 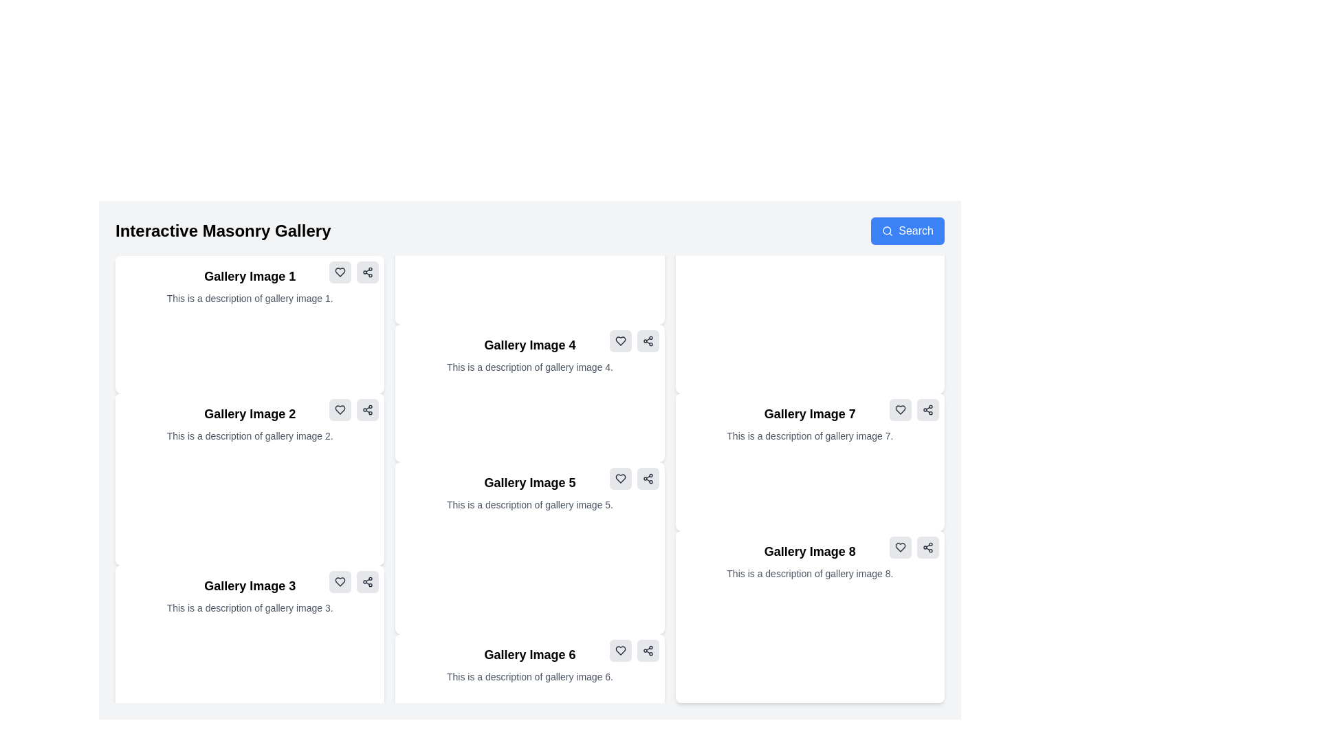 What do you see at coordinates (368, 272) in the screenshot?
I see `the share icon located in the top-right control panel of the 'Gallery Image 2' card` at bounding box center [368, 272].